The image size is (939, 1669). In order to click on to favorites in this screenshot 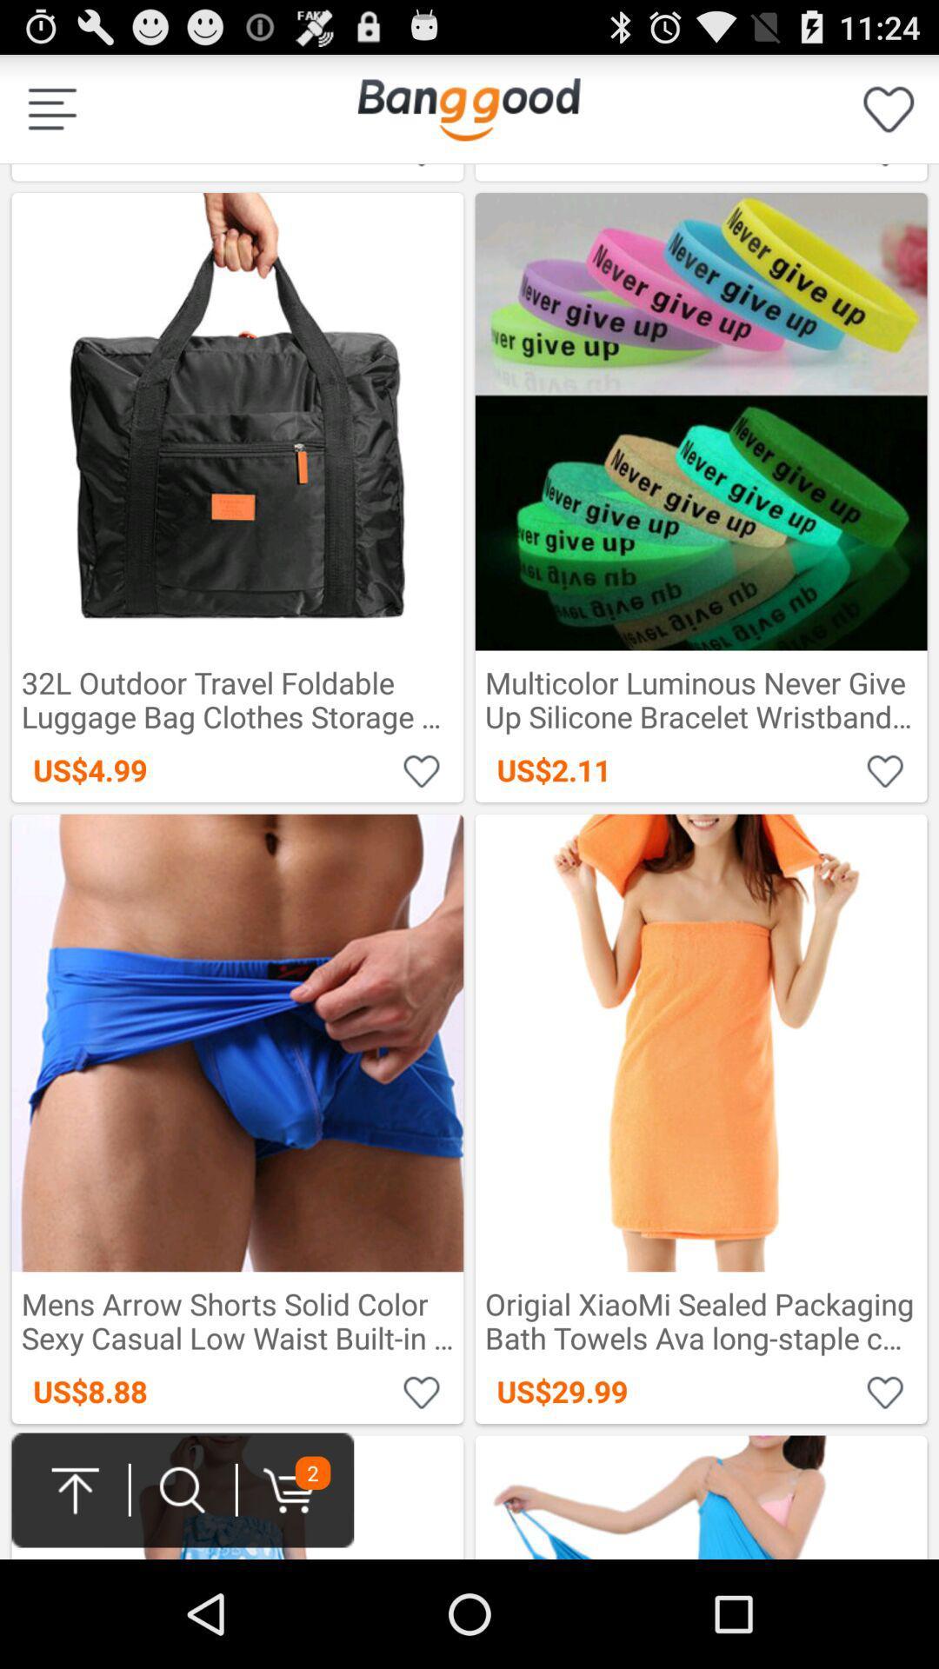, I will do `click(422, 167)`.